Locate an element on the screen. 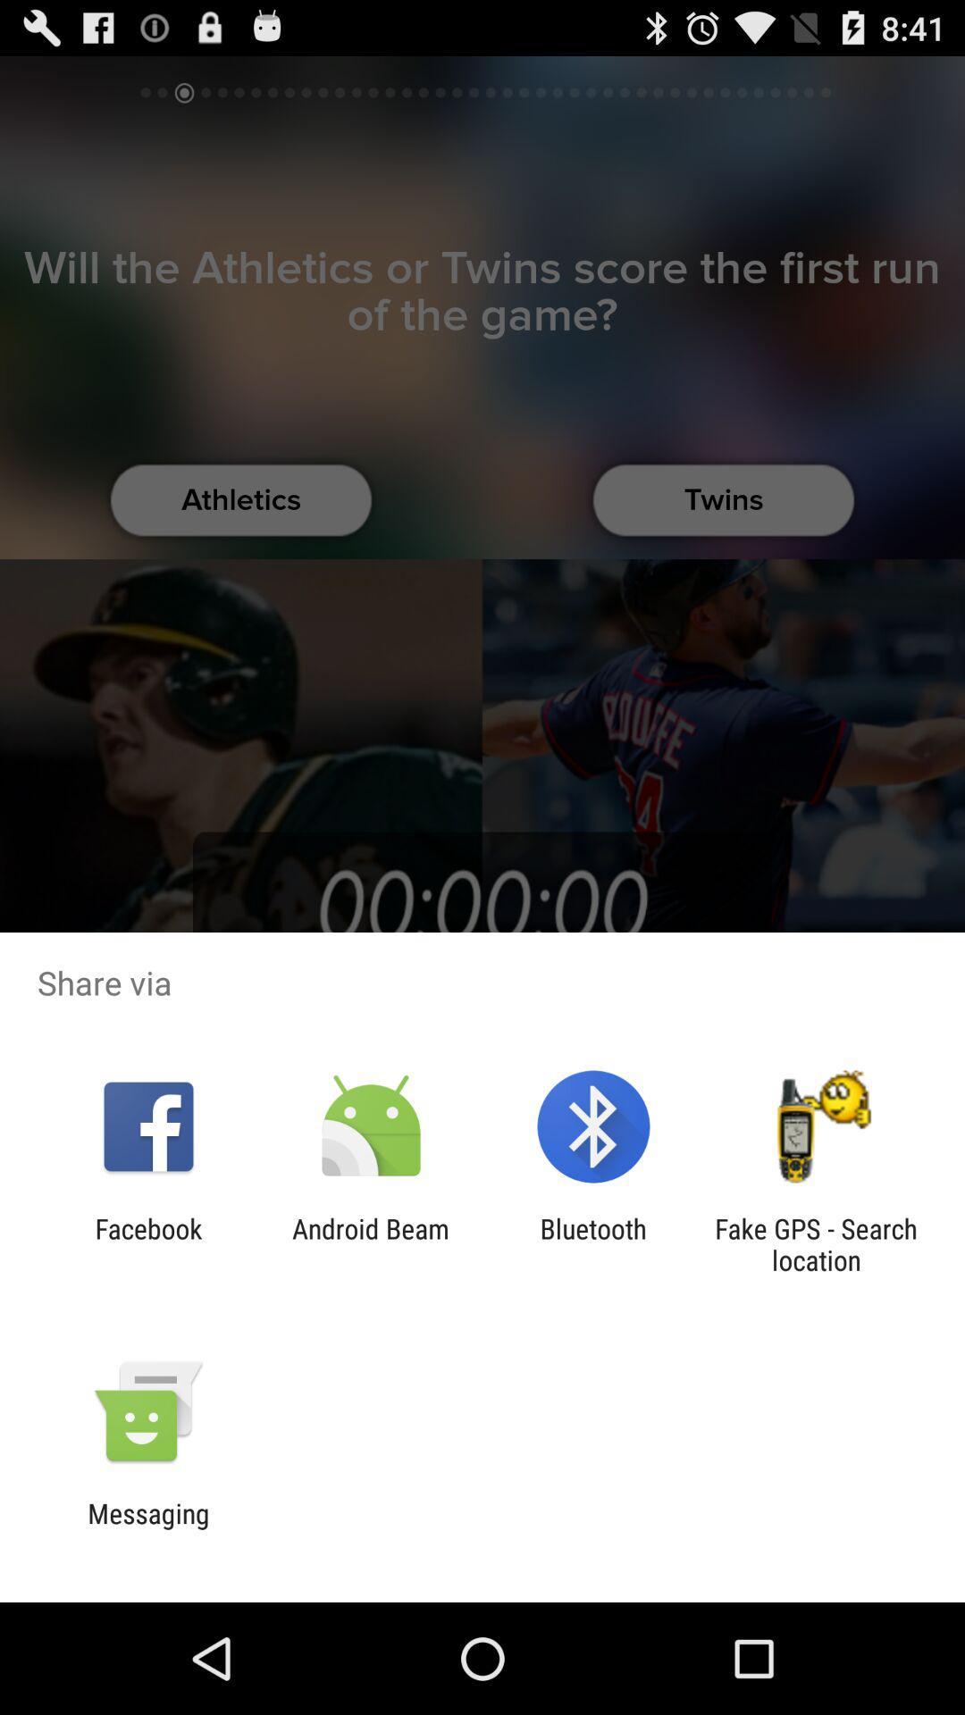  the icon next to the android beam icon is located at coordinates (593, 1243).